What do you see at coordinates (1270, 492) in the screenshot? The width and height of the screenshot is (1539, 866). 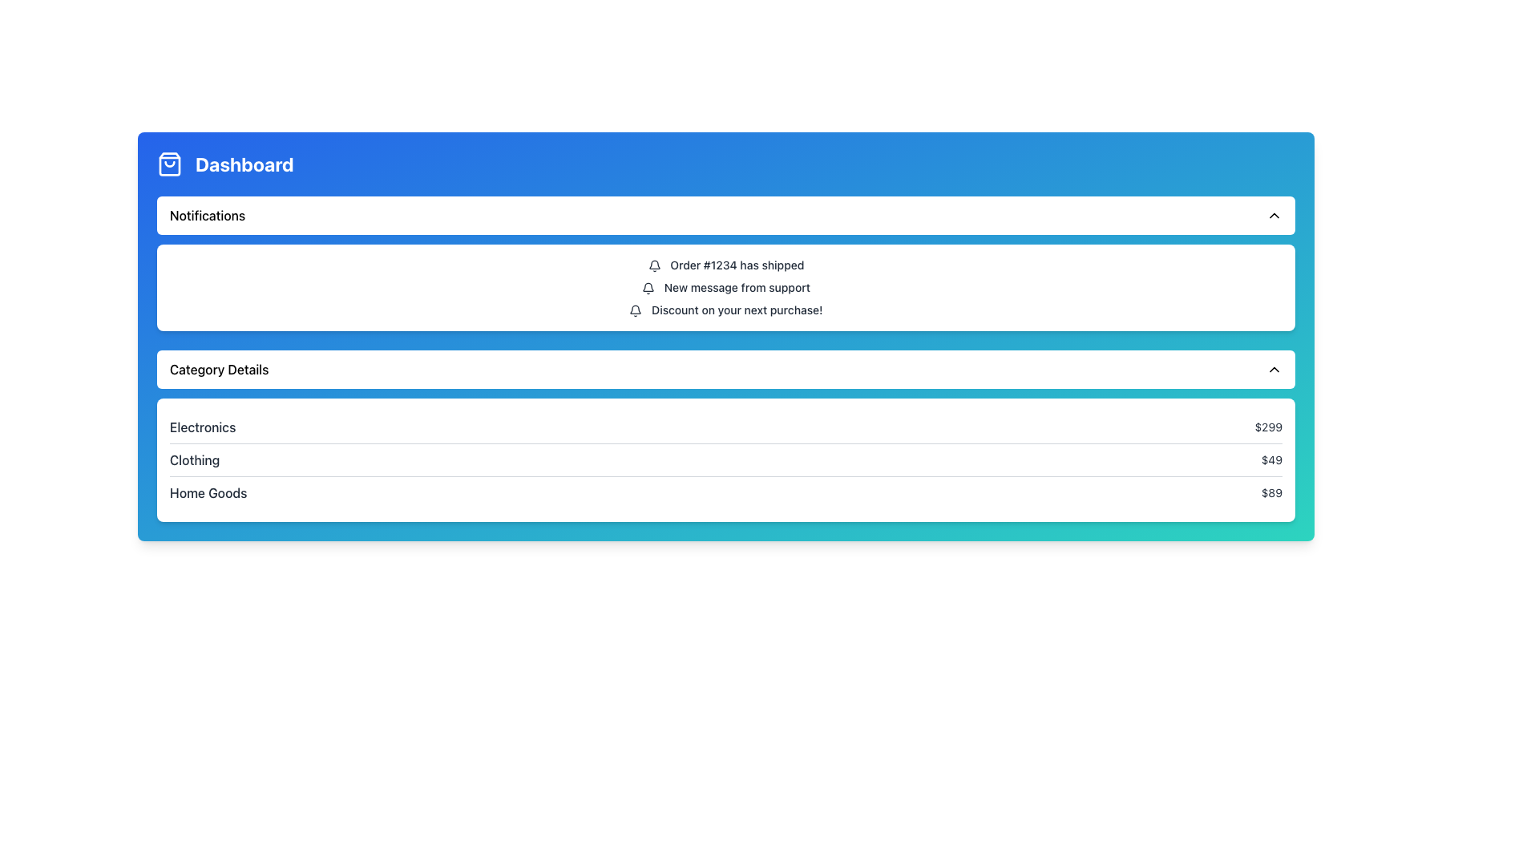 I see `the text label displaying the price "$89", which is located at the far right side of the "Home Goods" row in the "Category Details" list` at bounding box center [1270, 492].